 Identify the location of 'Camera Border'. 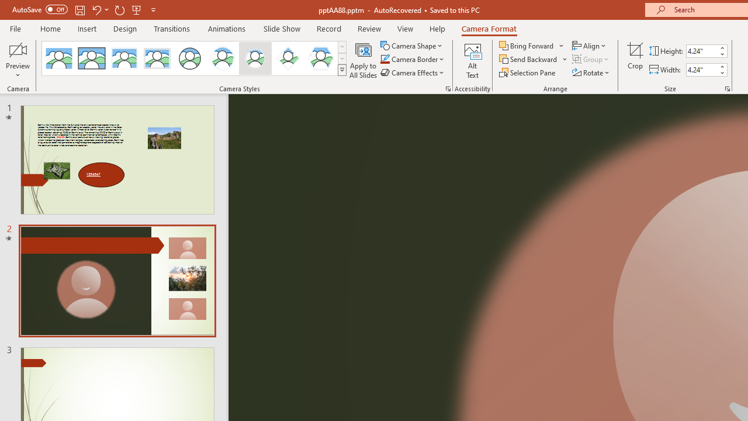
(413, 59).